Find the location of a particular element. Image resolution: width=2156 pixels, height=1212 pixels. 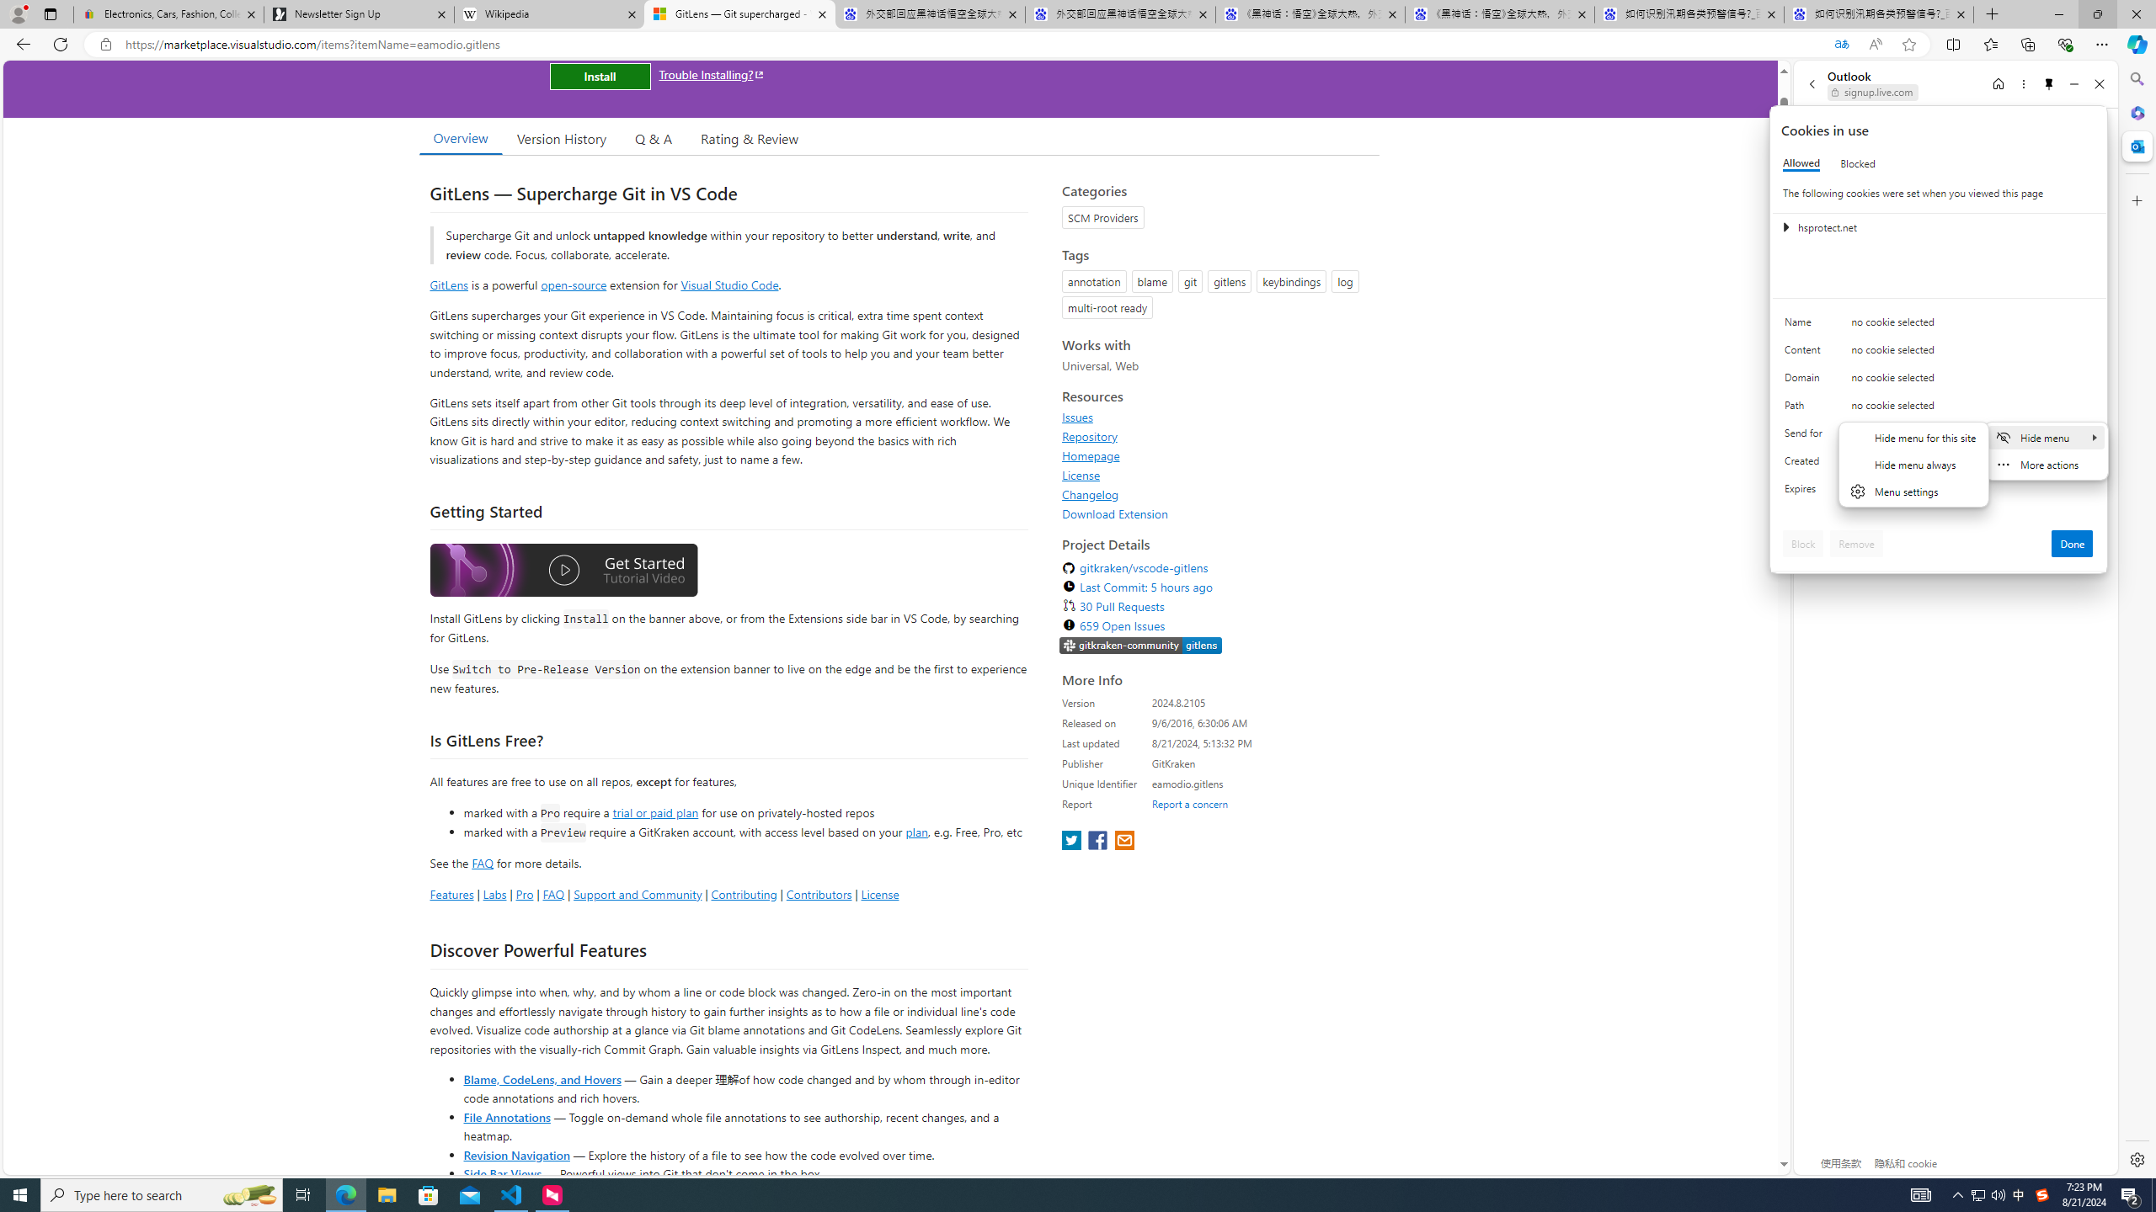

'Menu settings' is located at coordinates (1913, 490).